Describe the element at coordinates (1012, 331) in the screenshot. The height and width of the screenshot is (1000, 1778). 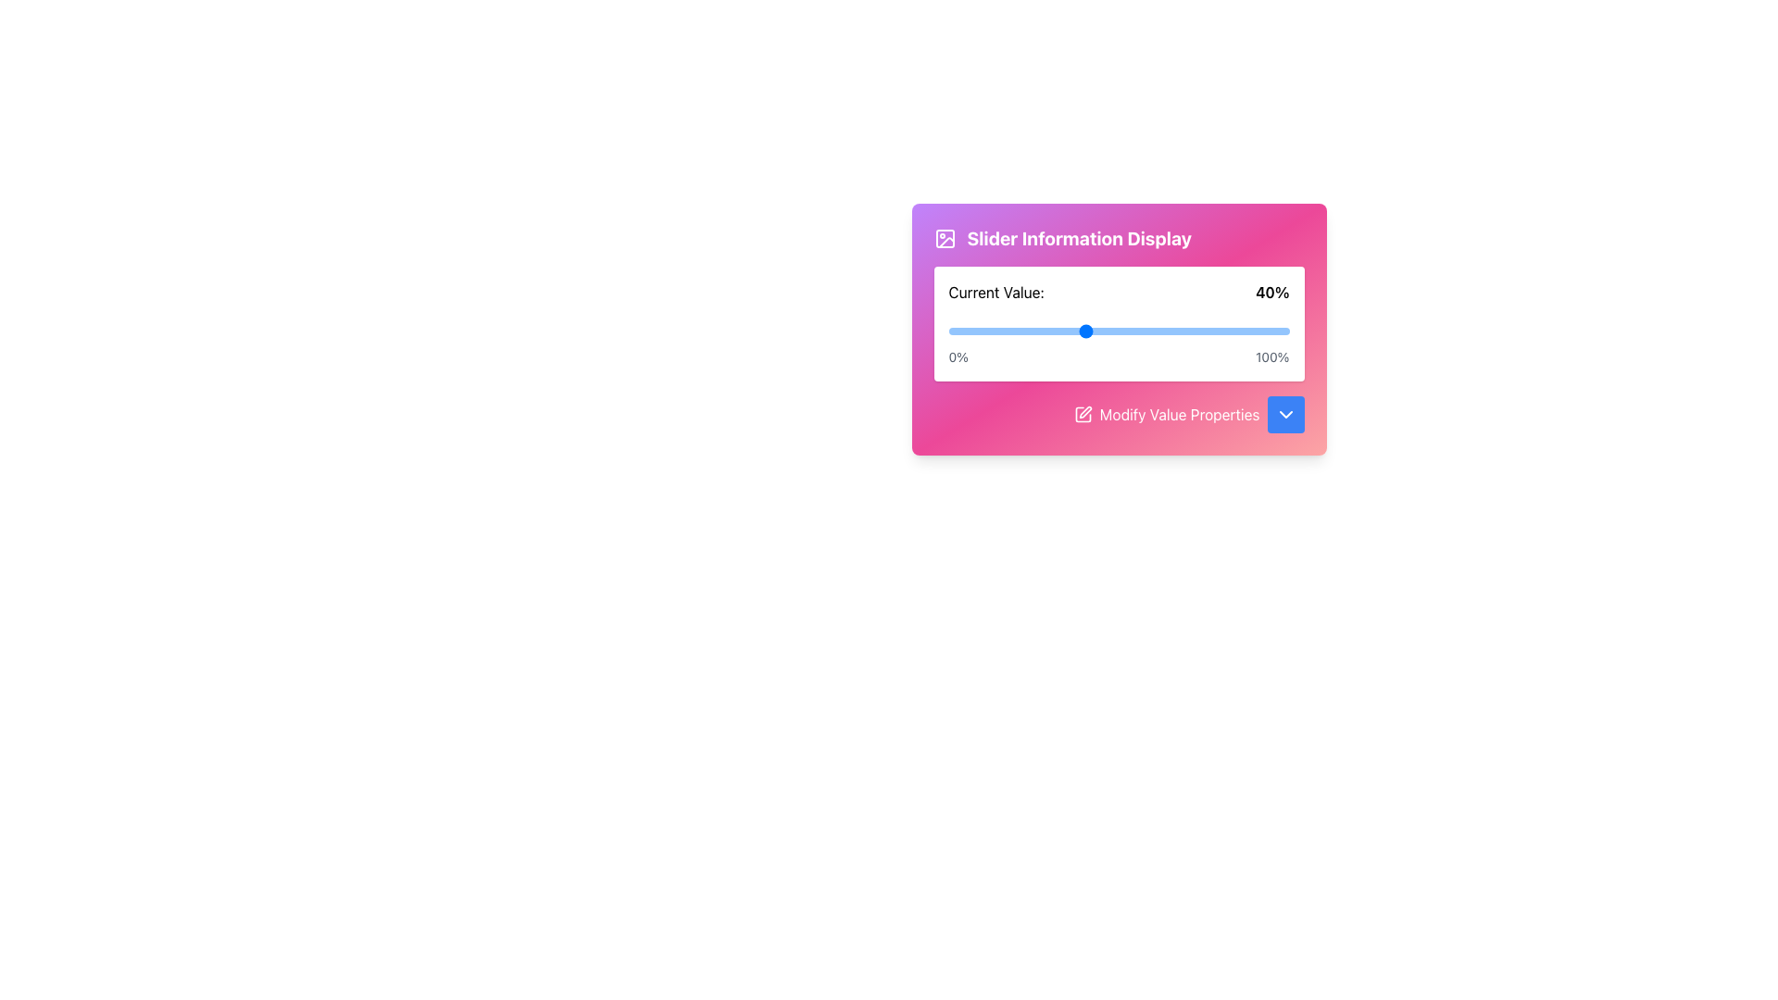
I see `the slider` at that location.